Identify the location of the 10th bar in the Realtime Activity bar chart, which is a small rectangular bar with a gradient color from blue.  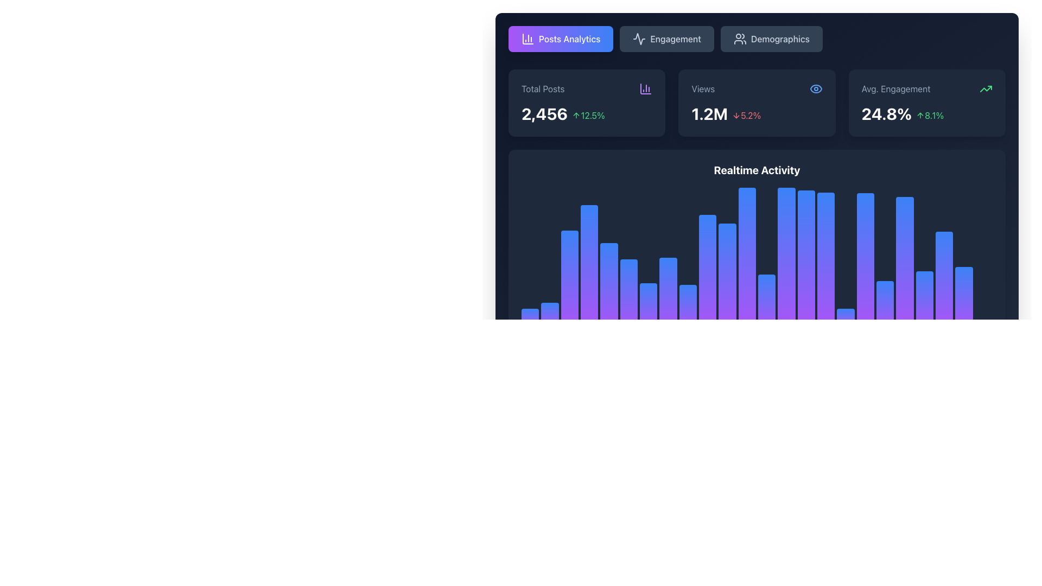
(708, 317).